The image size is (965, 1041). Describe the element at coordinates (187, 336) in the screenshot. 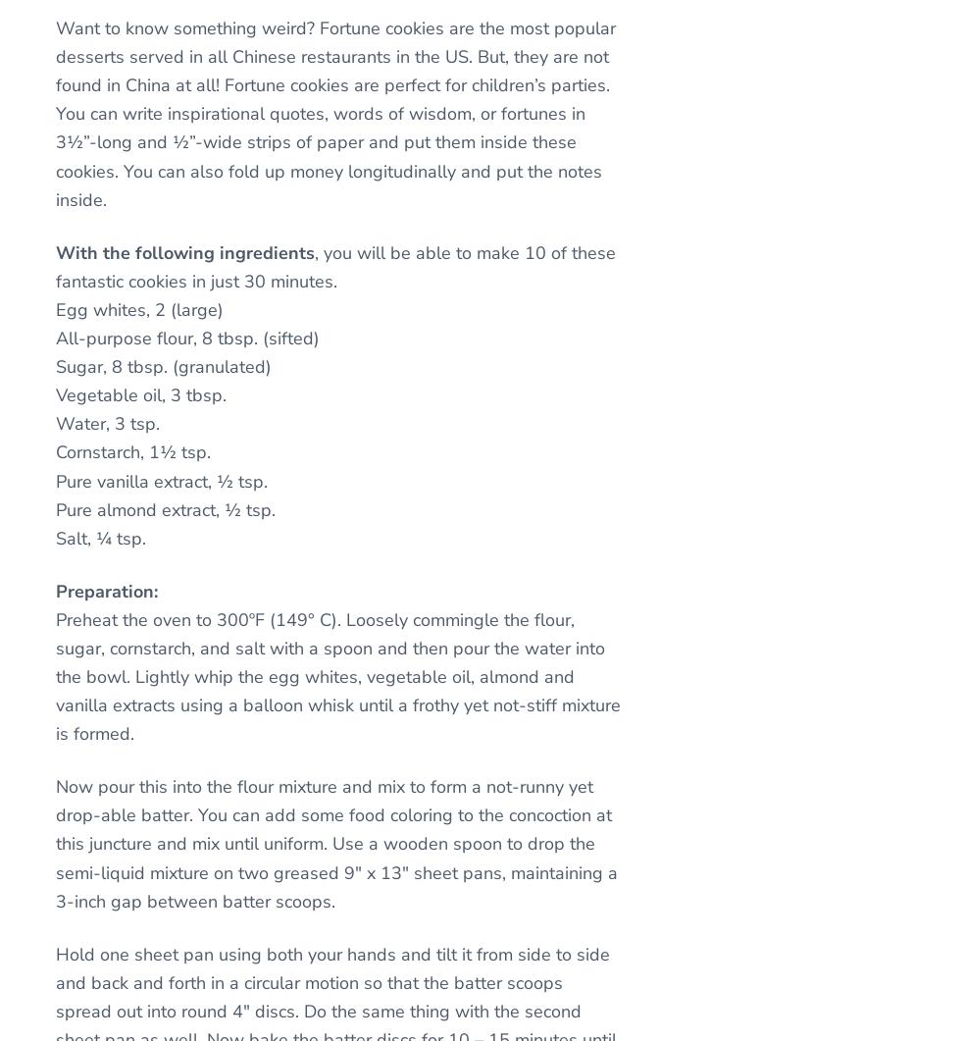

I see `'All-purpose flour, 8 tbsp. (sifted)'` at that location.